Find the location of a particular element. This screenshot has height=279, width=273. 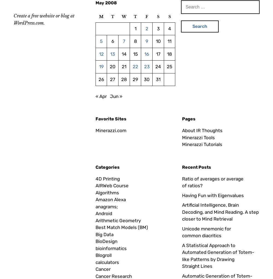

'Big Data' is located at coordinates (105, 234).